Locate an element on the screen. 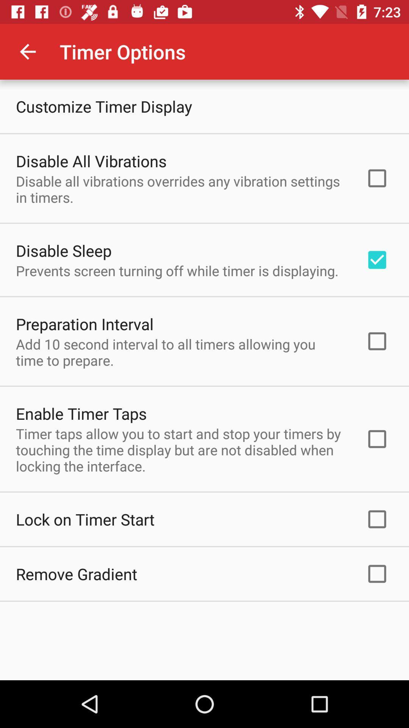 This screenshot has width=409, height=728. icon below the disable sleep icon is located at coordinates (177, 271).